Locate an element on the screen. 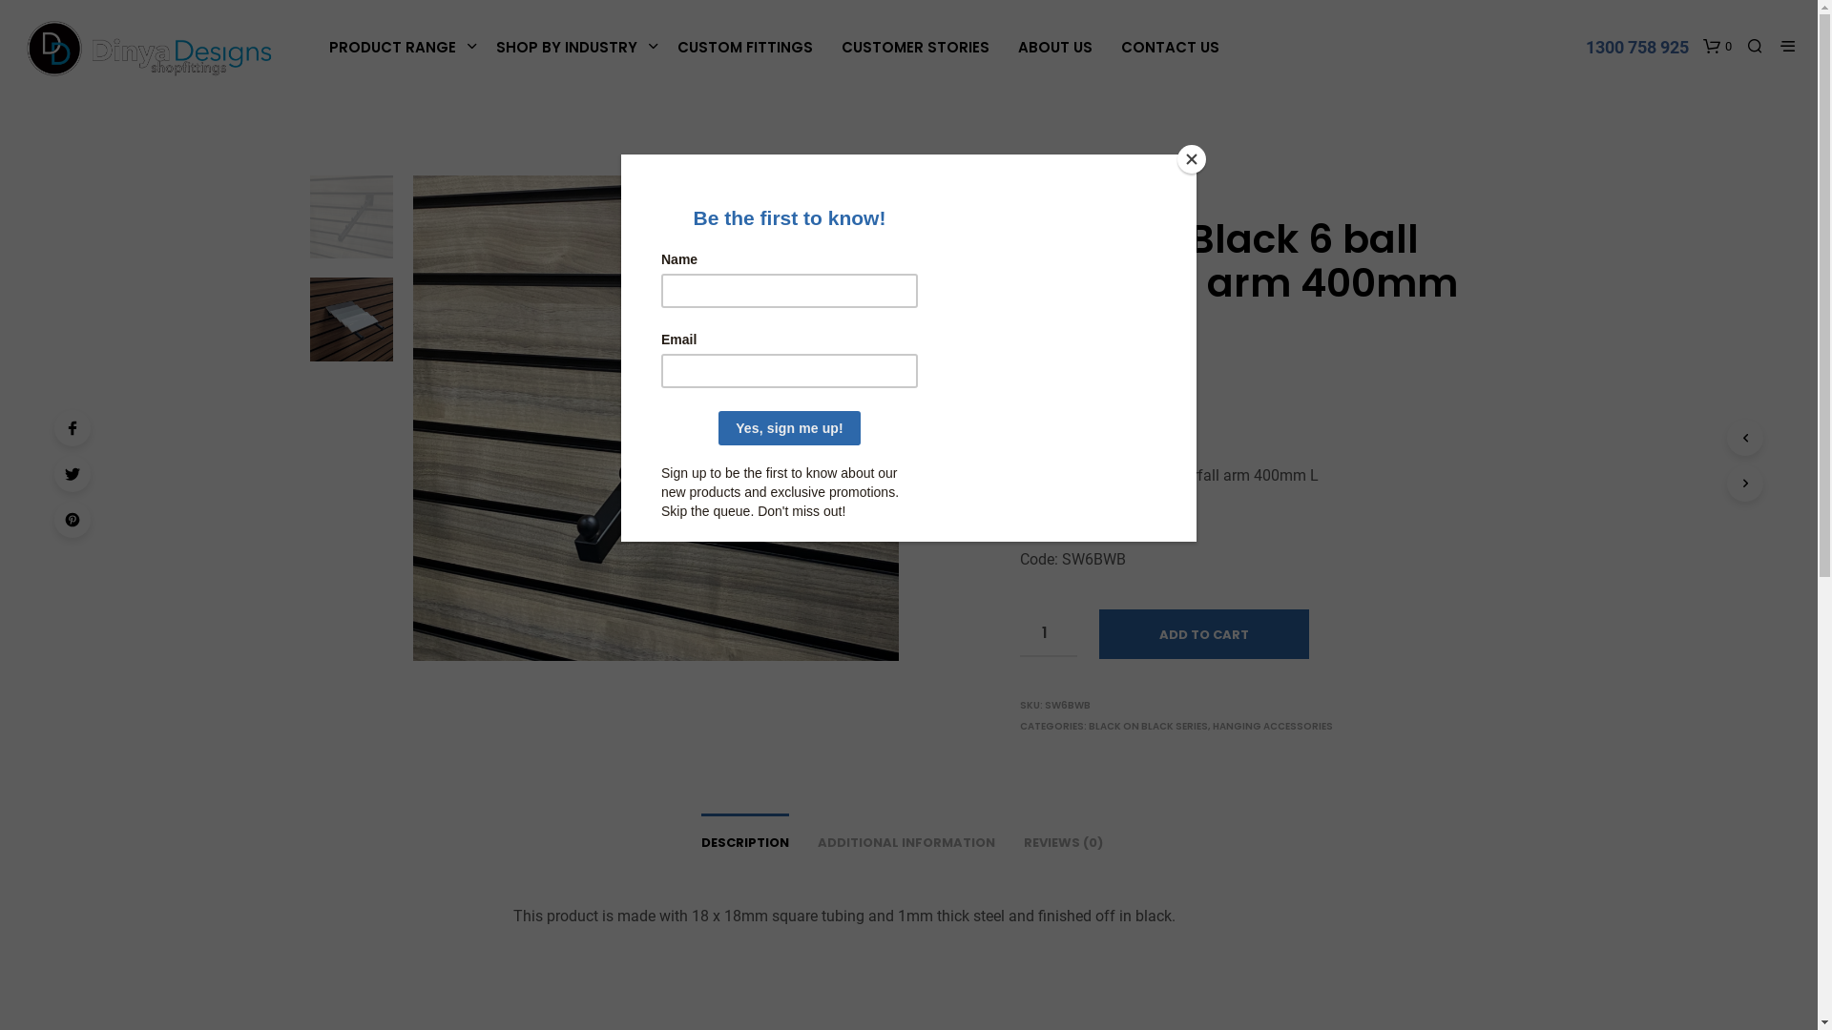 This screenshot has width=1832, height=1030. 'ADD TO CART' is located at coordinates (1203, 633).